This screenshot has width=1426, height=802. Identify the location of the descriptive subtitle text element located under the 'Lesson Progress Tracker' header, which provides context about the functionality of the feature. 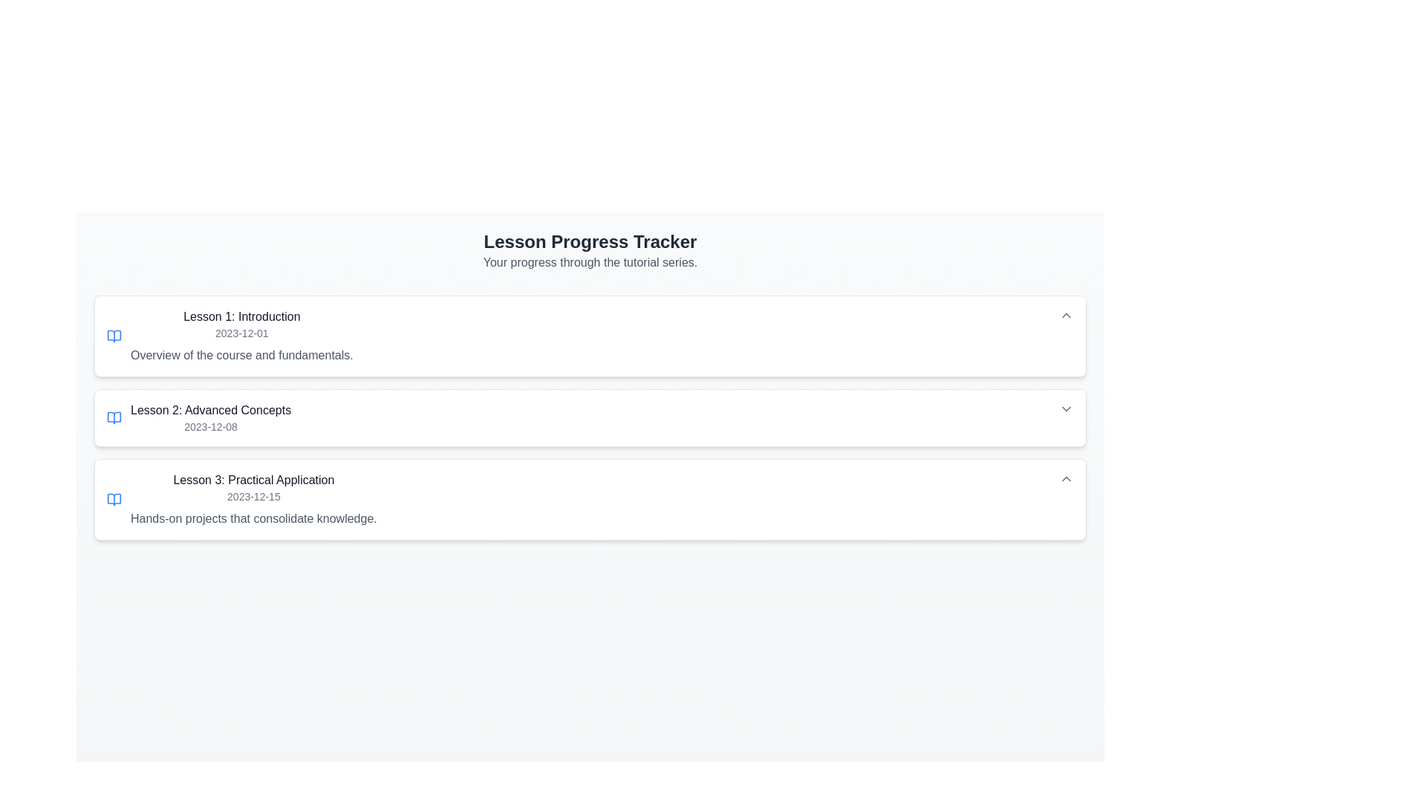
(590, 262).